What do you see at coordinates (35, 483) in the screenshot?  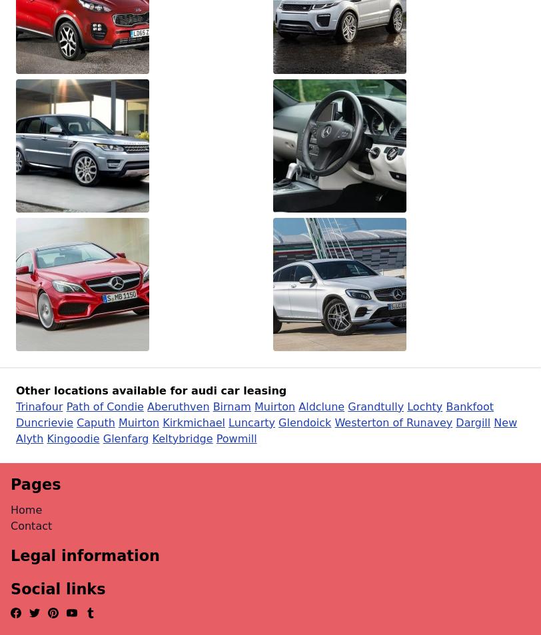 I see `'Pages'` at bounding box center [35, 483].